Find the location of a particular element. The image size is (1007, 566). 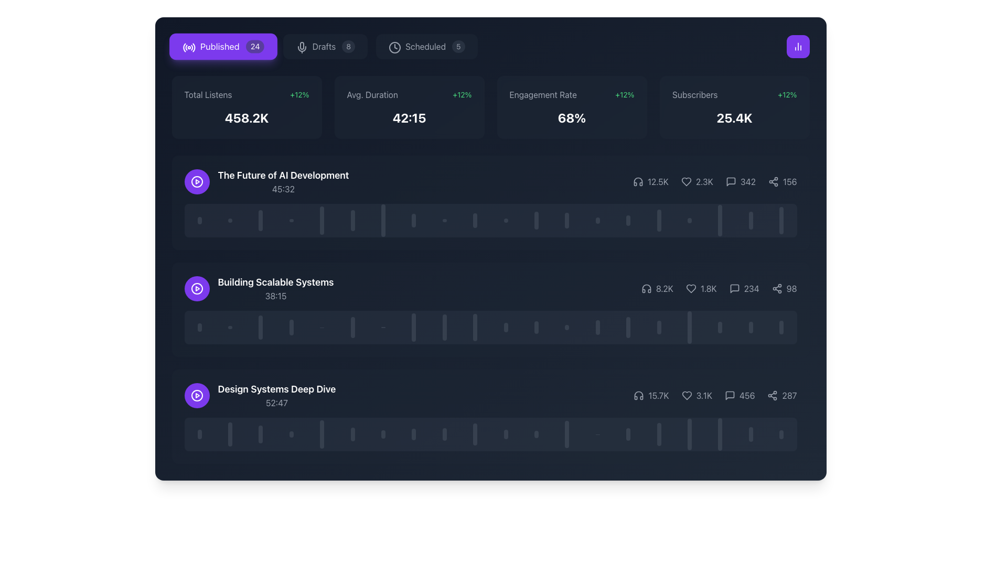

the headphones icon located in the 'Design Systems Deep Dive' row, which is to the left of the numeric label '15.7K' is located at coordinates (638, 396).